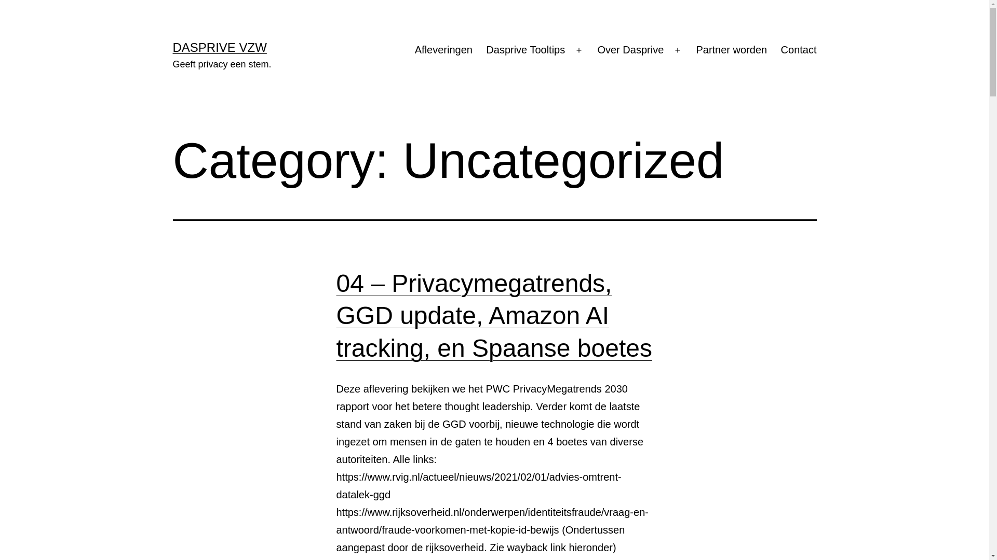 This screenshot has height=560, width=997. Describe the element at coordinates (219, 47) in the screenshot. I see `'DASPRIVE VZW'` at that location.